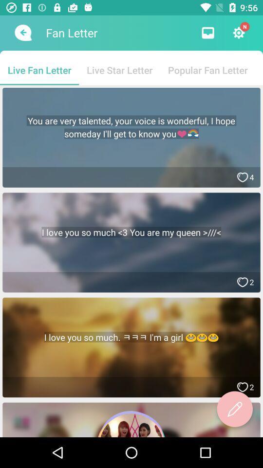  Describe the element at coordinates (234, 409) in the screenshot. I see `write` at that location.